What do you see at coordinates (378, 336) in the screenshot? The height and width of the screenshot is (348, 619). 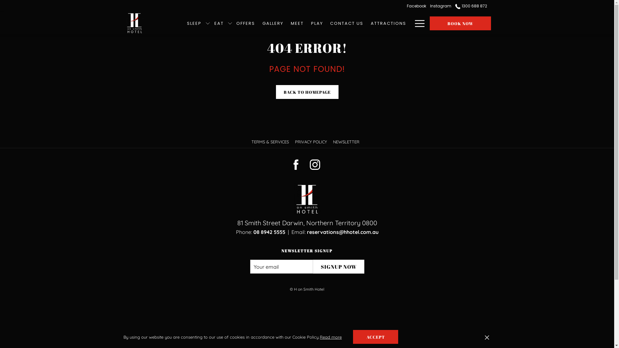 I see `'ACCEPT'` at bounding box center [378, 336].